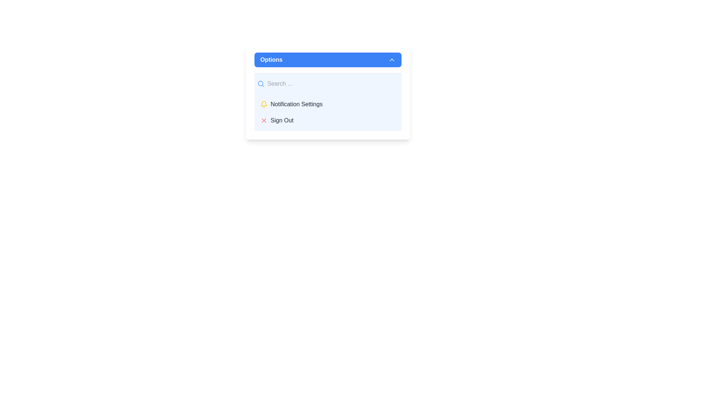 The image size is (706, 397). Describe the element at coordinates (328, 59) in the screenshot. I see `the toggle button located at the top center of the interface` at that location.